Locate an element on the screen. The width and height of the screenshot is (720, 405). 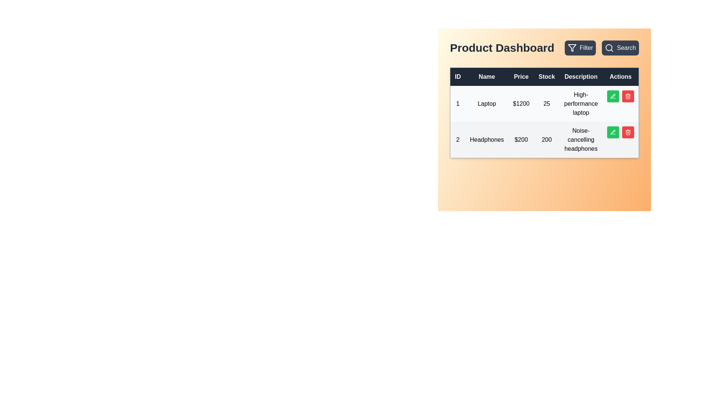
the delete icon located at the right-most side of the 'Actions' column in the second row of the Product Dashboard to possibly reveal additional details is located at coordinates (628, 132).